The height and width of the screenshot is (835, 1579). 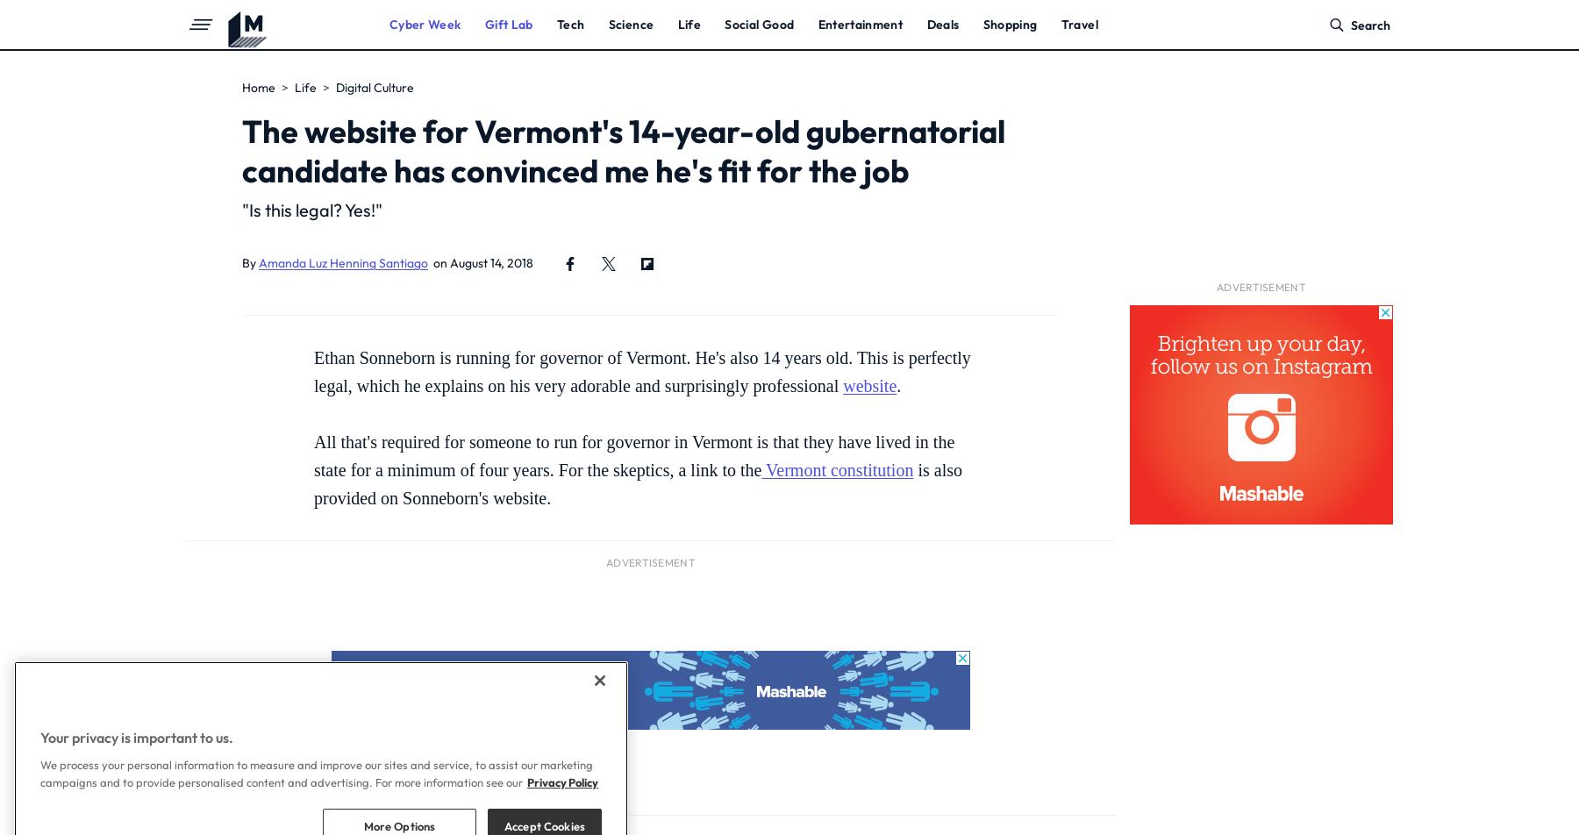 What do you see at coordinates (859, 24) in the screenshot?
I see `'Entertainment'` at bounding box center [859, 24].